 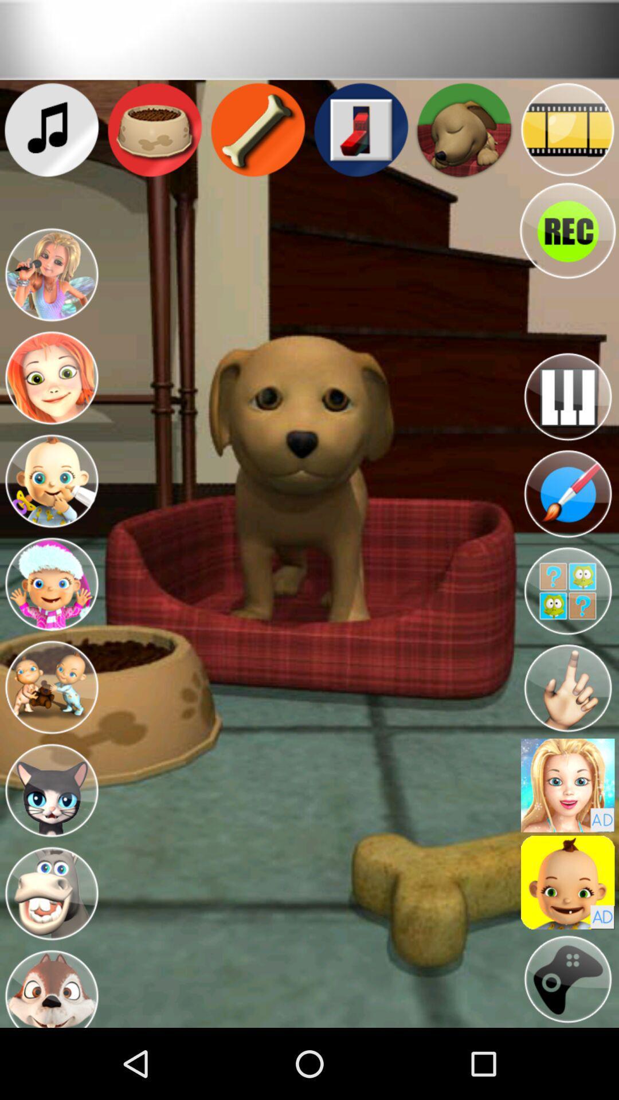 What do you see at coordinates (50, 294) in the screenshot?
I see `the avatar icon` at bounding box center [50, 294].